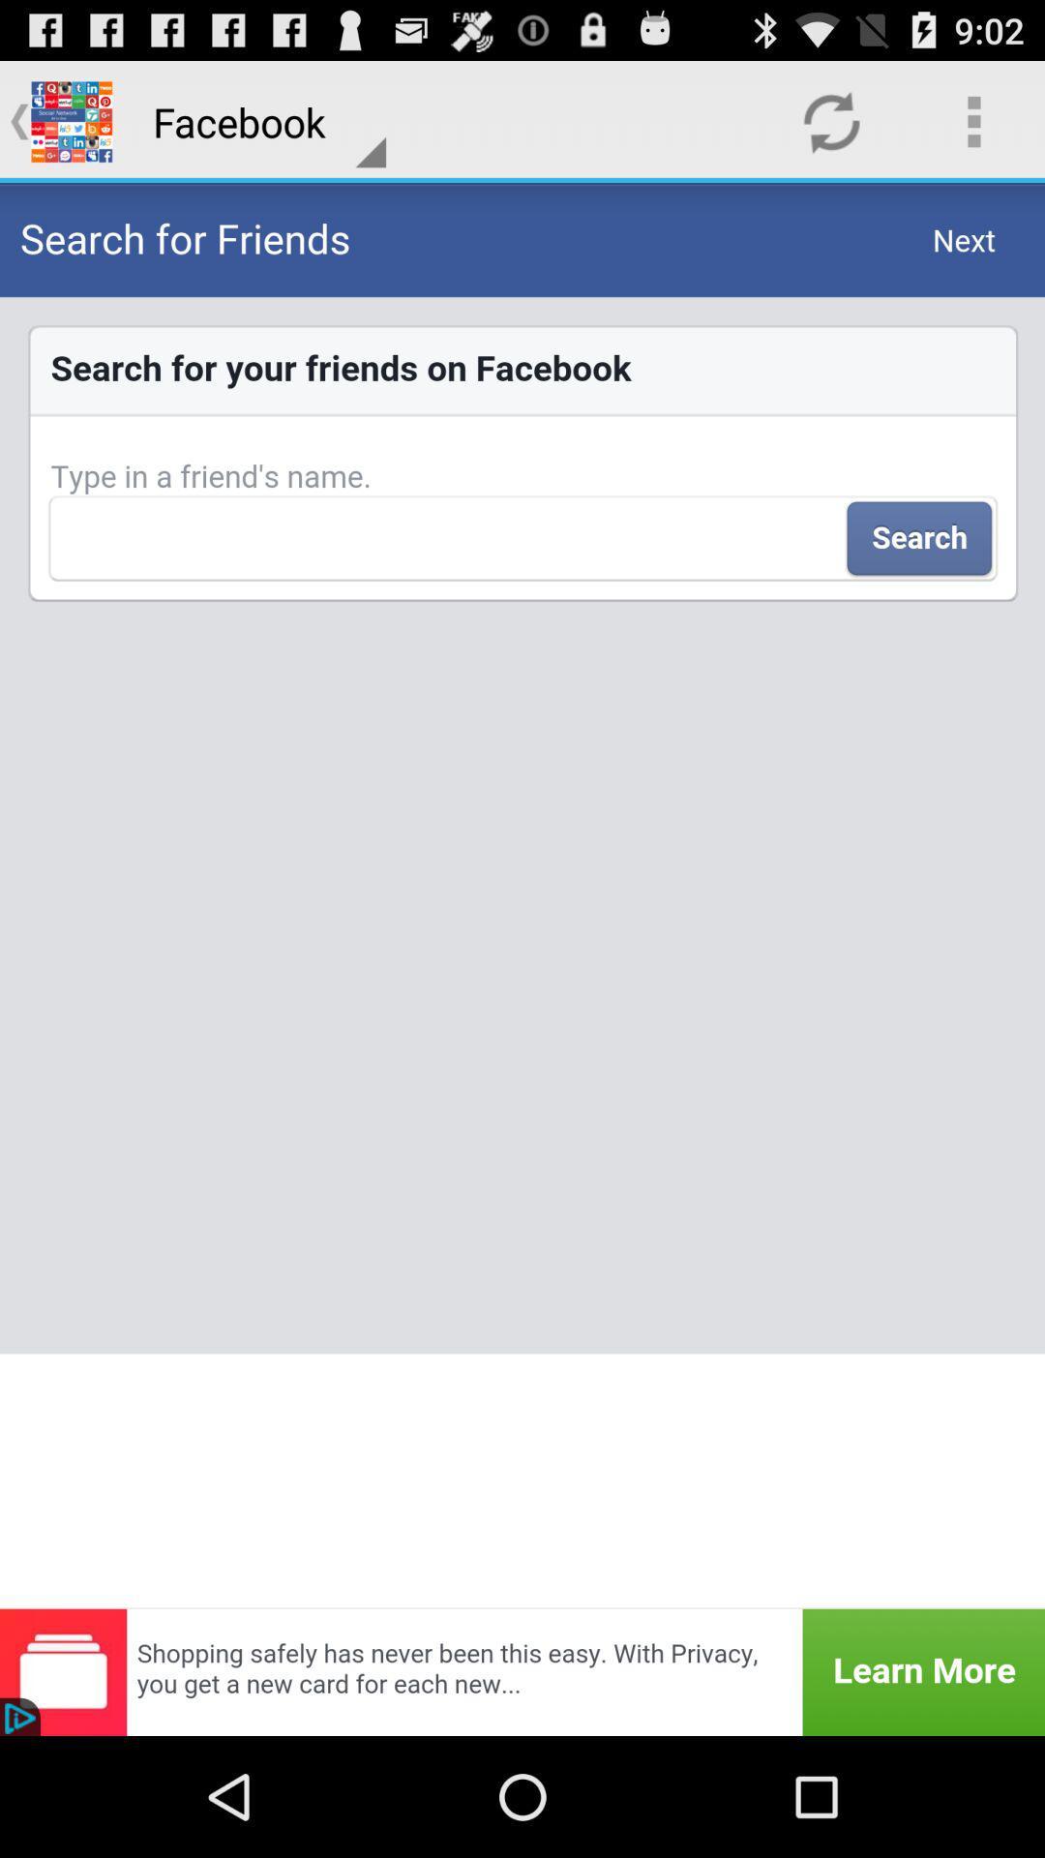 The image size is (1045, 1858). I want to click on the icon next to the facebook, so click(830, 120).